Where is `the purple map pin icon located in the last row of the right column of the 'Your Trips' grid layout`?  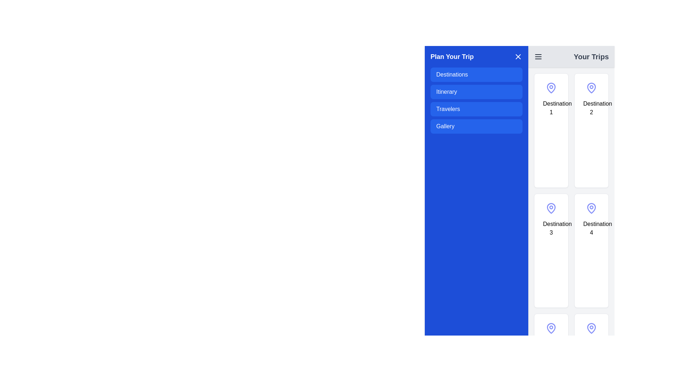
the purple map pin icon located in the last row of the right column of the 'Your Trips' grid layout is located at coordinates (592, 328).